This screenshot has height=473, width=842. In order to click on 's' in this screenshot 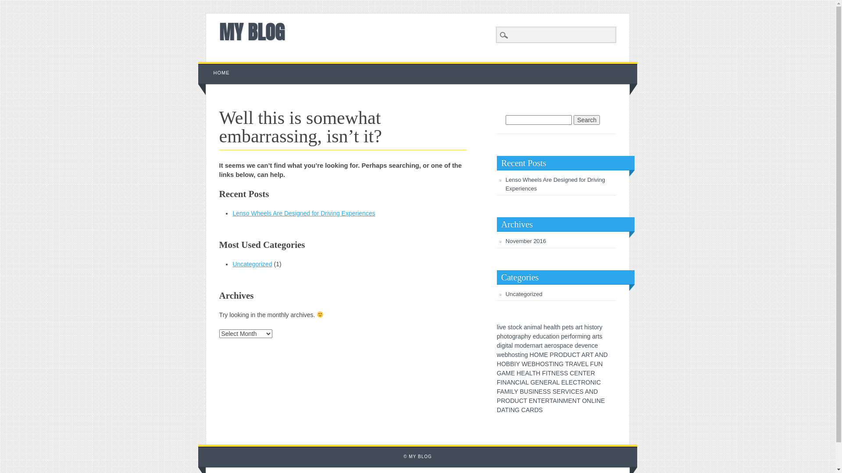, I will do `click(515, 355)`.